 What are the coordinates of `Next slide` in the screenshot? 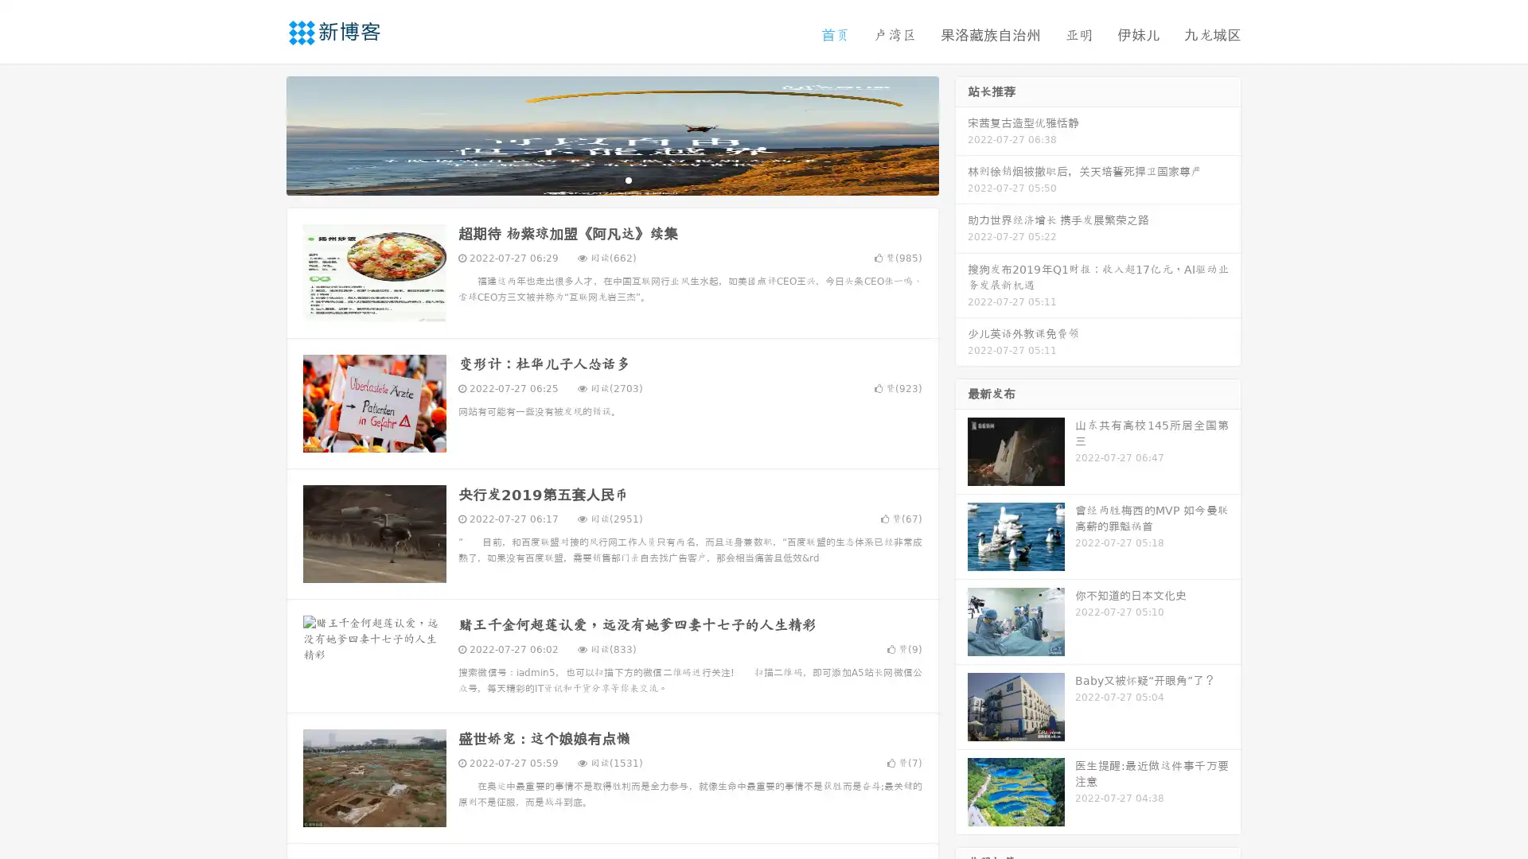 It's located at (961, 134).